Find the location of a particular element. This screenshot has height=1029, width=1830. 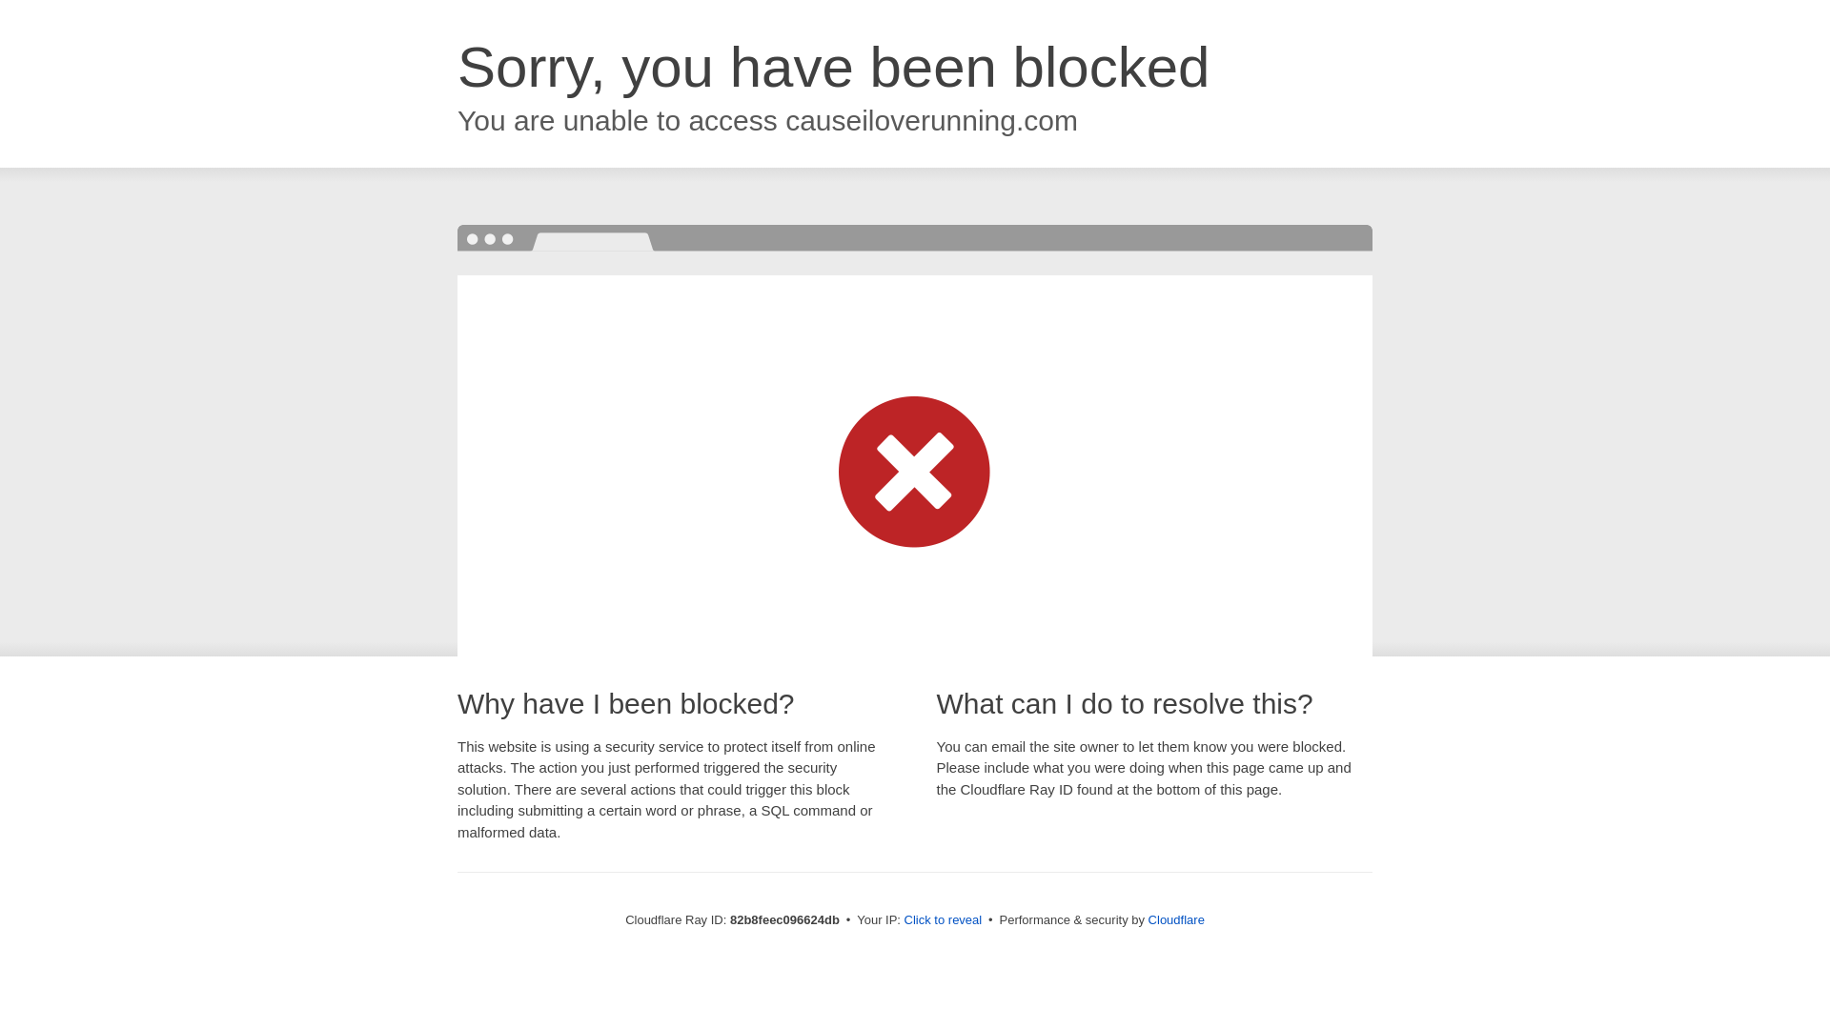

'Cloudflare' is located at coordinates (1175, 918).